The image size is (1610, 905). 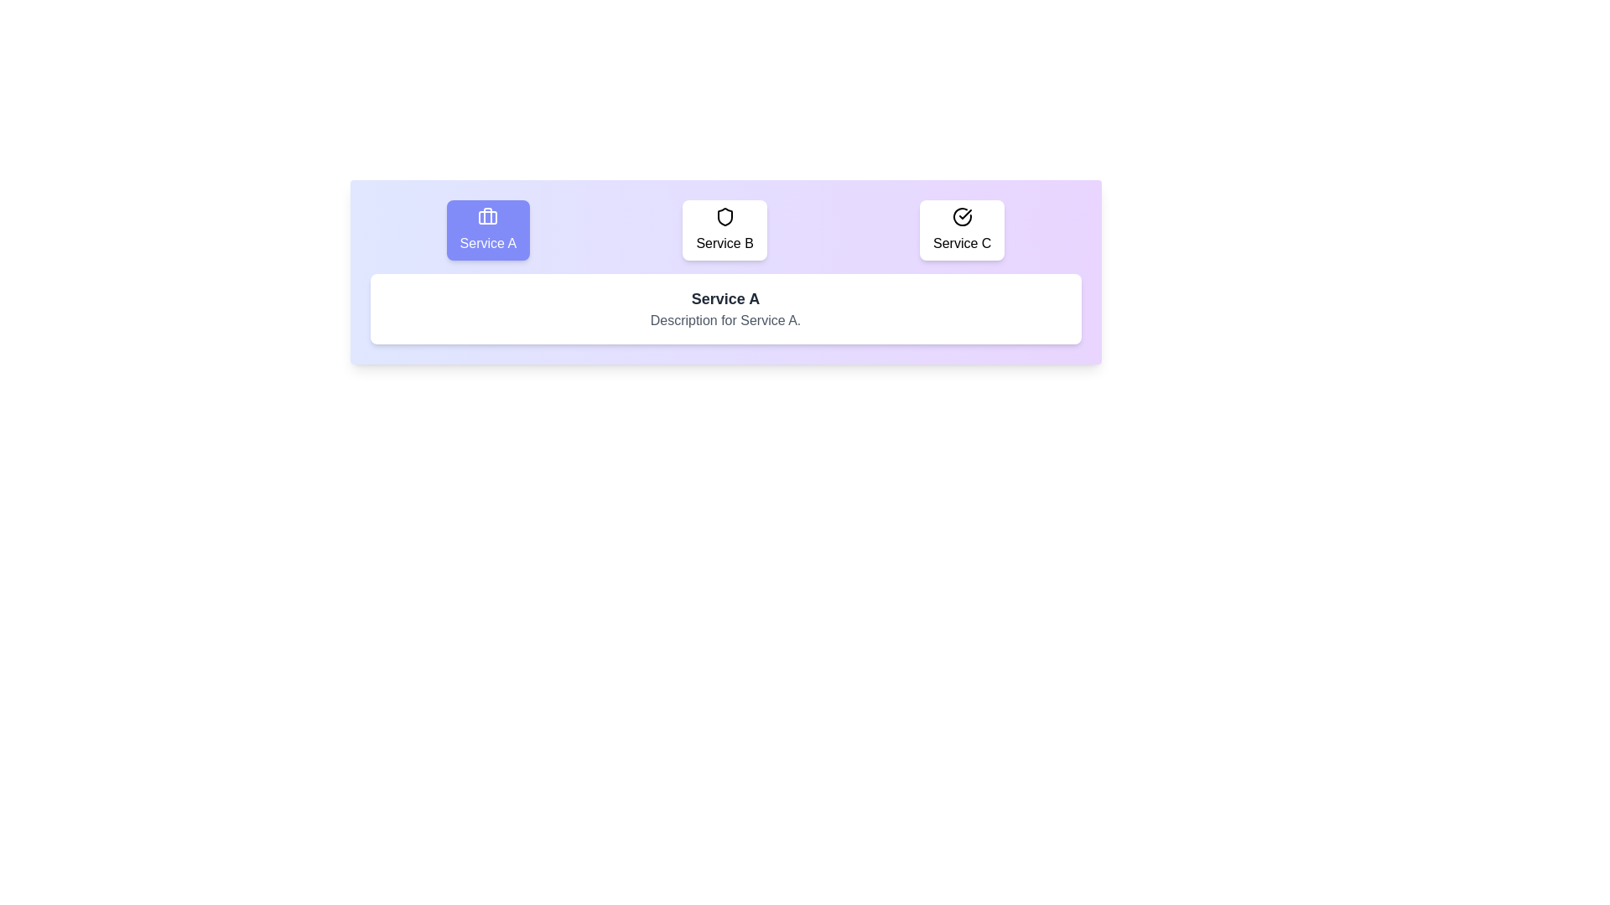 What do you see at coordinates (724, 230) in the screenshot?
I see `the 'Service B' button, which is a rectangular button with a shield icon, located at the center of the group of three buttons` at bounding box center [724, 230].